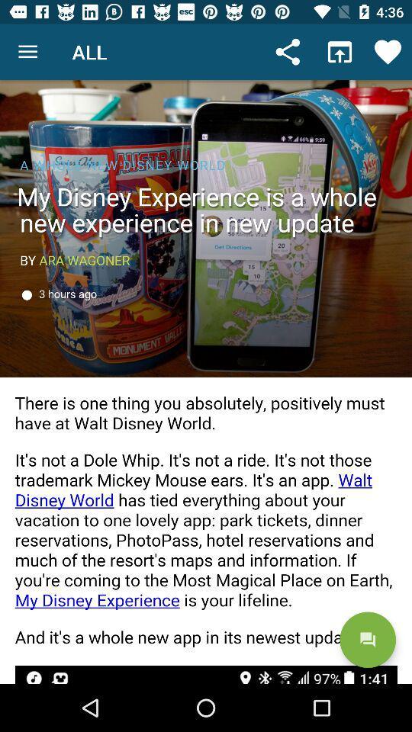 This screenshot has width=412, height=732. I want to click on the chat icon, so click(367, 640).